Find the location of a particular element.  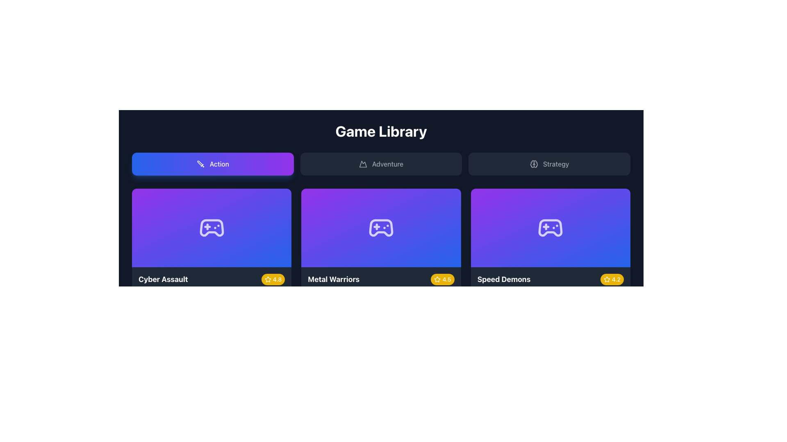

the 'Game Library' text element, which is prominently displayed in bold white font on a dark background, located at the top center of the interface is located at coordinates (381, 131).